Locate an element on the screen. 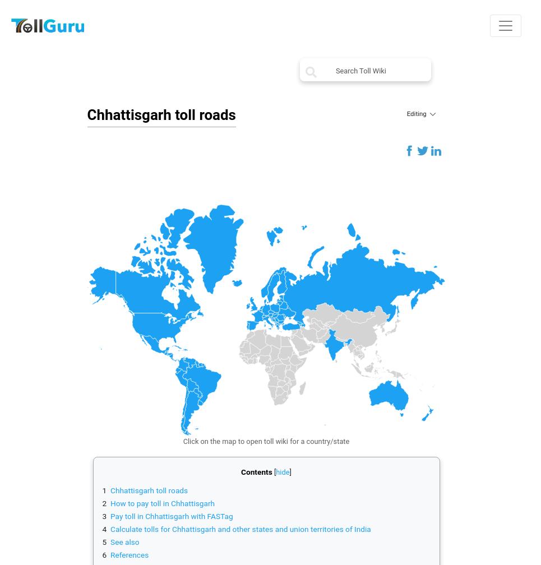  'Calculate tolls for  Chhattisgarh and other states and union territories of India' is located at coordinates (241, 529).